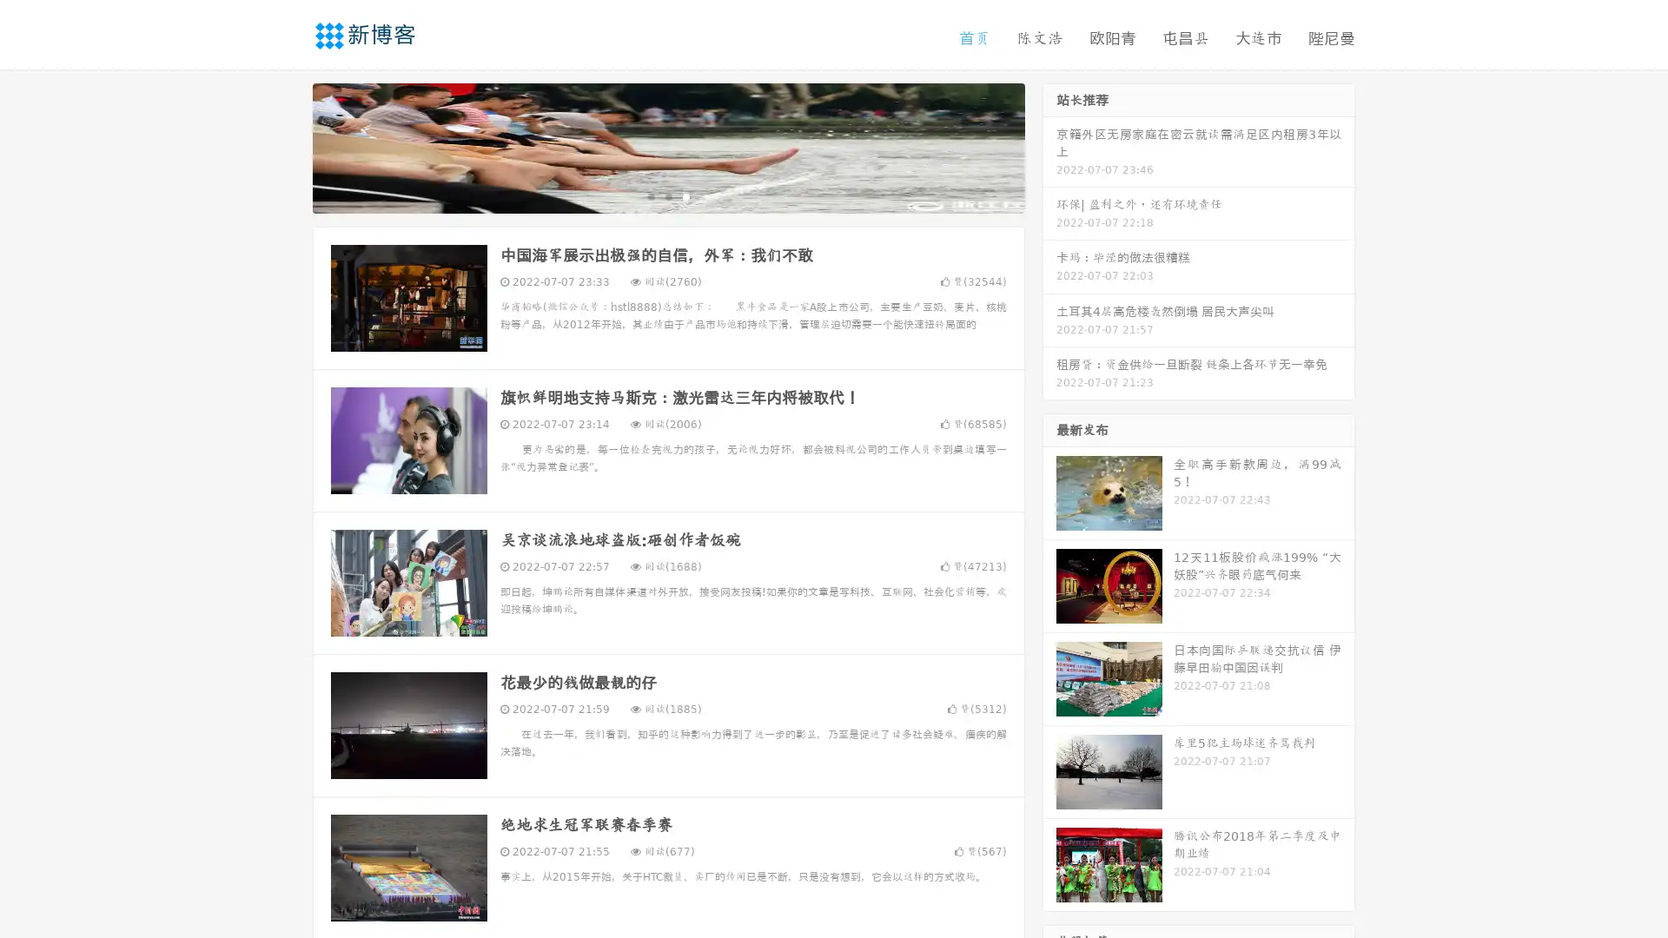  Describe the element at coordinates (685, 195) in the screenshot. I see `Go to slide 3` at that location.